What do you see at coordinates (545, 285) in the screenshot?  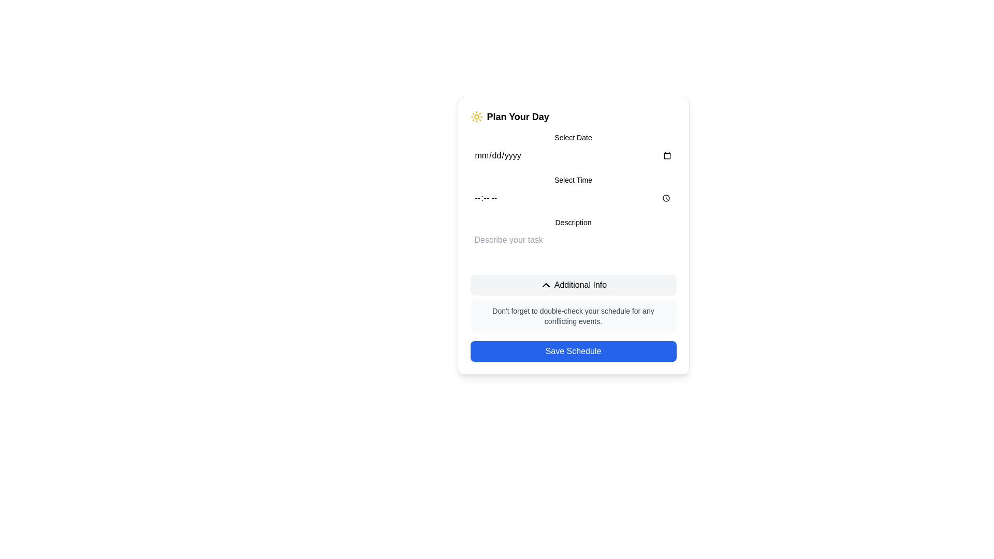 I see `the upward-pointing arrow icon inside the 'Additional Info' button` at bounding box center [545, 285].